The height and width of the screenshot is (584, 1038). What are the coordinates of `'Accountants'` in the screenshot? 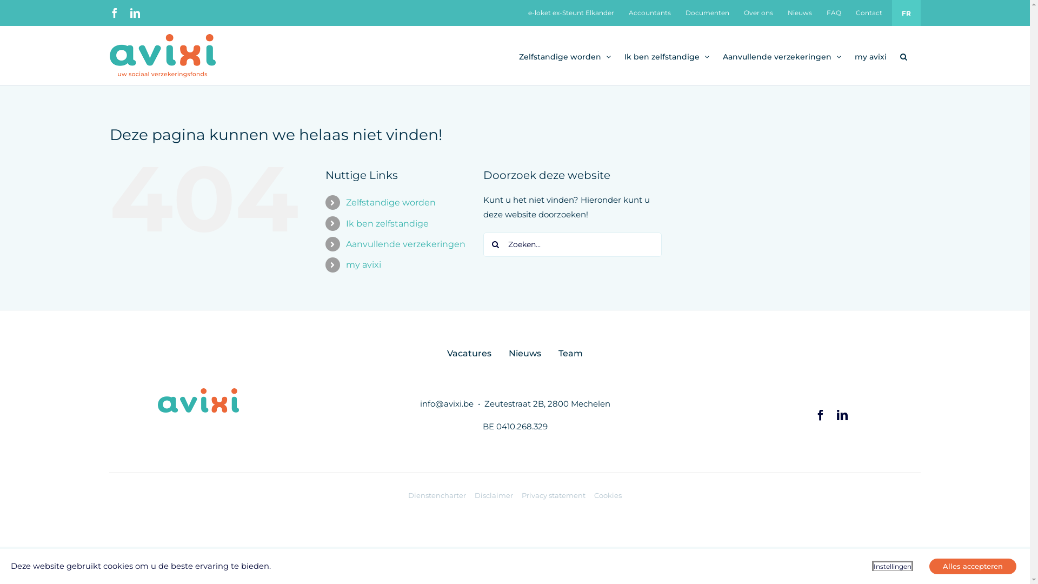 It's located at (649, 12).